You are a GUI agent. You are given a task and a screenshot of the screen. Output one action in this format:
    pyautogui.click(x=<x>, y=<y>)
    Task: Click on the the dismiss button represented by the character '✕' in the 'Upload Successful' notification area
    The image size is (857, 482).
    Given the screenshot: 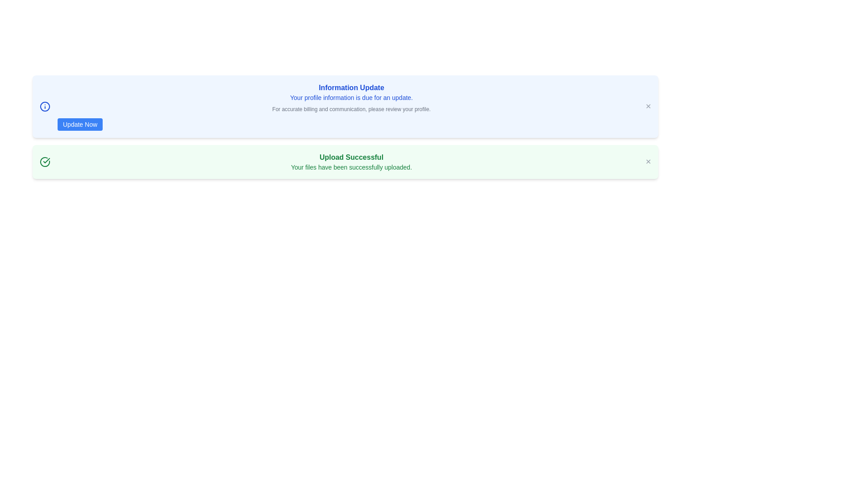 What is the action you would take?
    pyautogui.click(x=648, y=162)
    